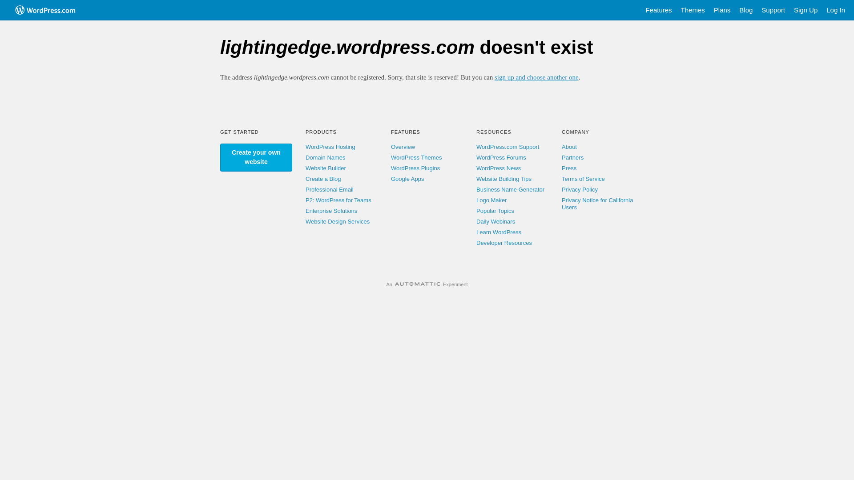 The height and width of the screenshot is (480, 854). What do you see at coordinates (569, 146) in the screenshot?
I see `'About'` at bounding box center [569, 146].